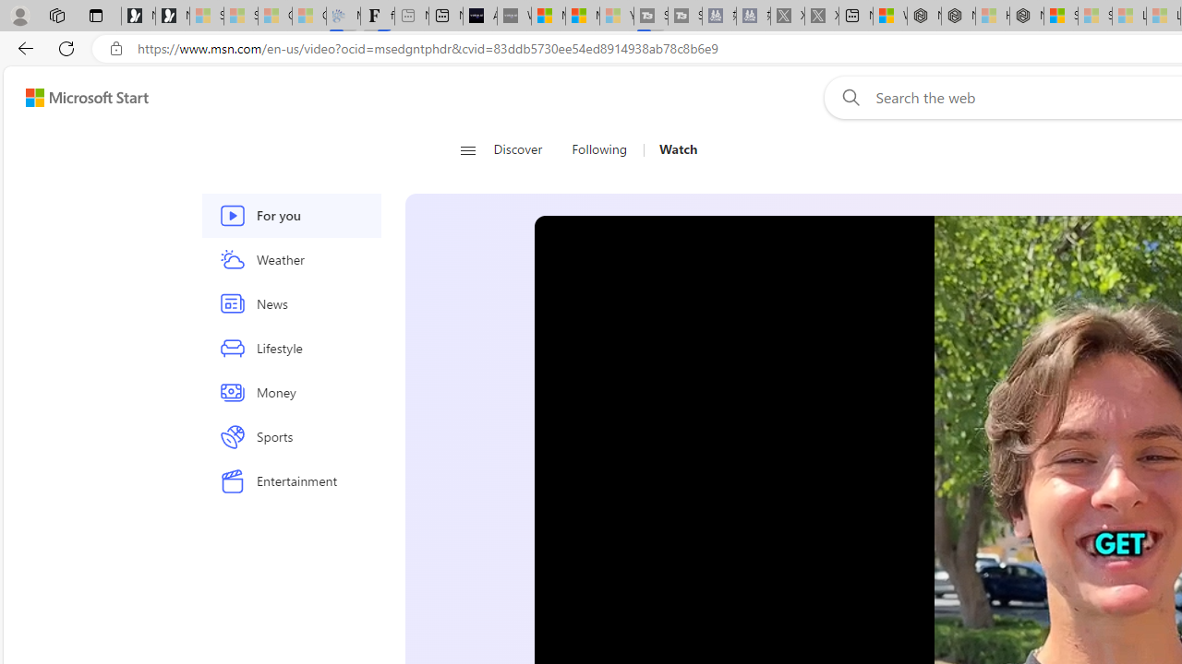  What do you see at coordinates (670, 149) in the screenshot?
I see `'Watch'` at bounding box center [670, 149].